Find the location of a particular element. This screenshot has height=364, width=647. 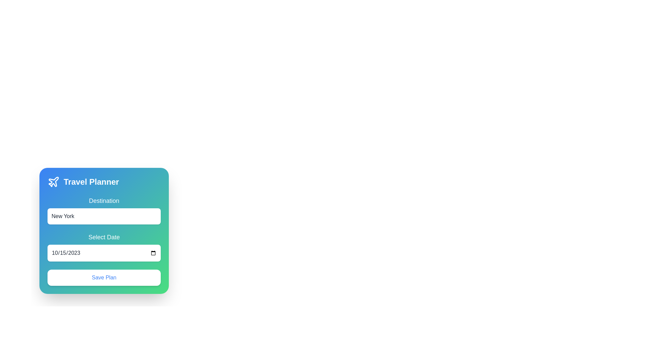

the rectangular button with a white background and blue text labeled 'Save Plan' is located at coordinates (103, 278).